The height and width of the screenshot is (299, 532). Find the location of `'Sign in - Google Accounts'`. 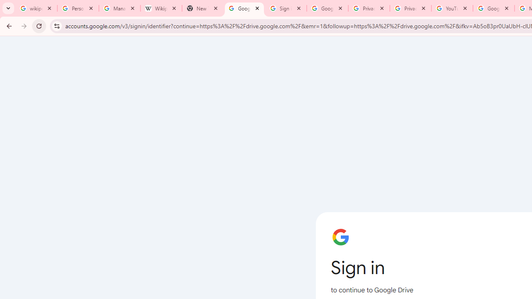

'Sign in - Google Accounts' is located at coordinates (286, 8).